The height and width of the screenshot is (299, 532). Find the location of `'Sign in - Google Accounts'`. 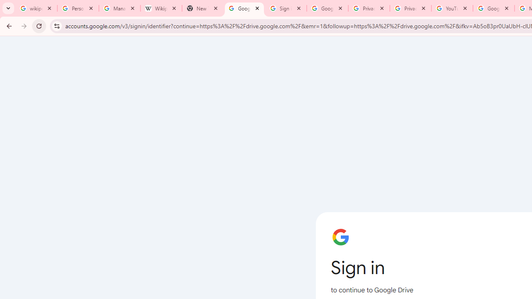

'Sign in - Google Accounts' is located at coordinates (286, 8).